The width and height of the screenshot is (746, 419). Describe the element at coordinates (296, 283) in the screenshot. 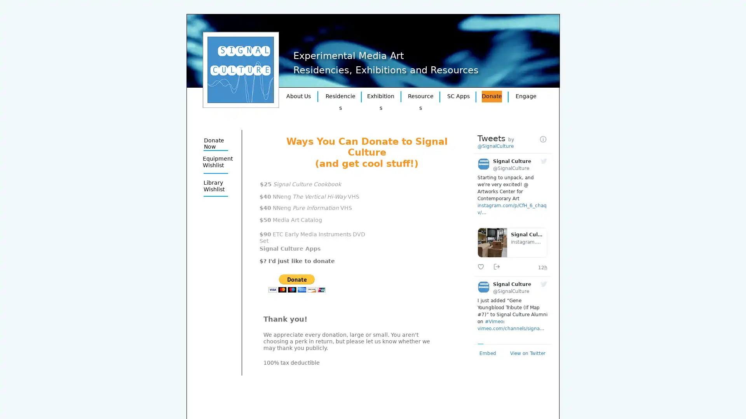

I see `PayPal - The safer, easier way to pay online!` at that location.